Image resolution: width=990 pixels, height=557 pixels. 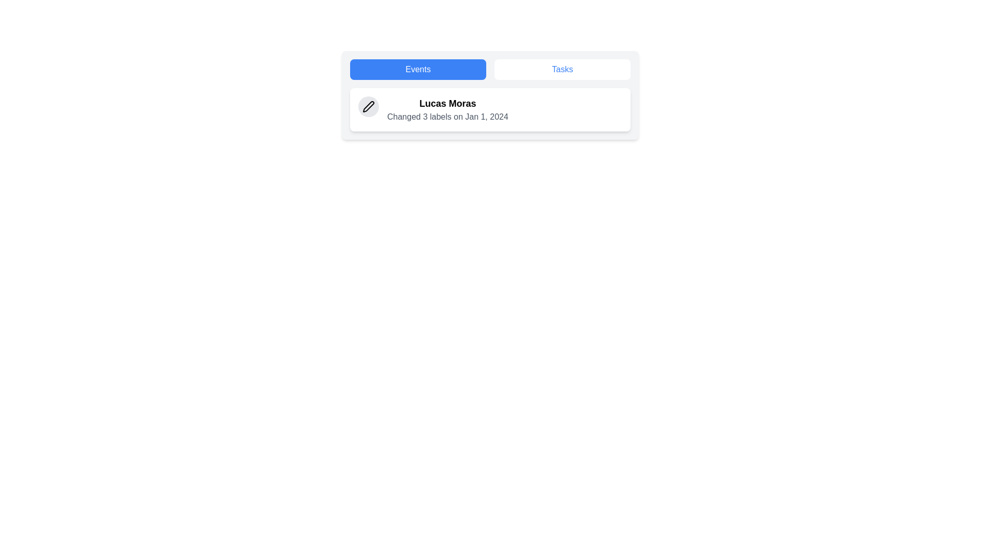 What do you see at coordinates (448, 109) in the screenshot?
I see `the Text Component that informs users about the action performed by Lucas Moras regarding changing labels to read its content` at bounding box center [448, 109].